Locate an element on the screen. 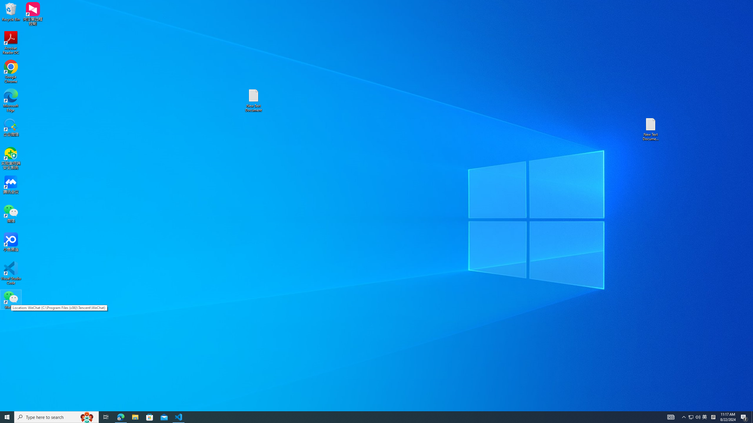  'Microsoft Edge' is located at coordinates (11, 100).